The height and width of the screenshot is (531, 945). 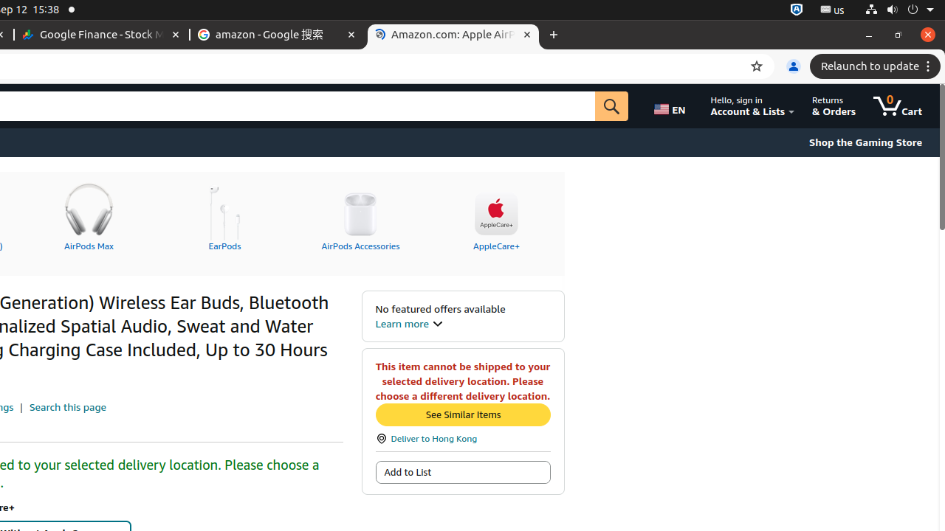 What do you see at coordinates (461, 414) in the screenshot?
I see `'See Similar Items'` at bounding box center [461, 414].